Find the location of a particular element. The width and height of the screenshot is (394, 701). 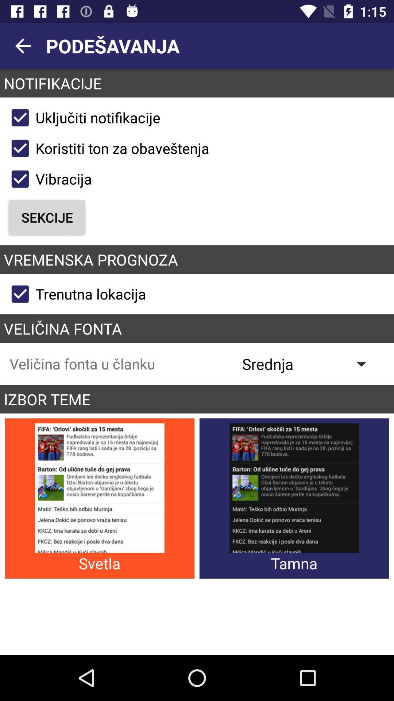

icon above vibracija checkbox is located at coordinates (107, 148).